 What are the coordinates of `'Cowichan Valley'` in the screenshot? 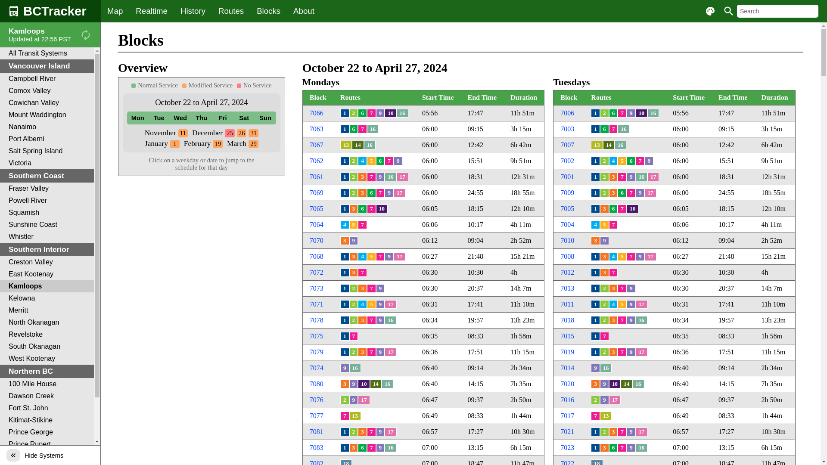 It's located at (47, 102).